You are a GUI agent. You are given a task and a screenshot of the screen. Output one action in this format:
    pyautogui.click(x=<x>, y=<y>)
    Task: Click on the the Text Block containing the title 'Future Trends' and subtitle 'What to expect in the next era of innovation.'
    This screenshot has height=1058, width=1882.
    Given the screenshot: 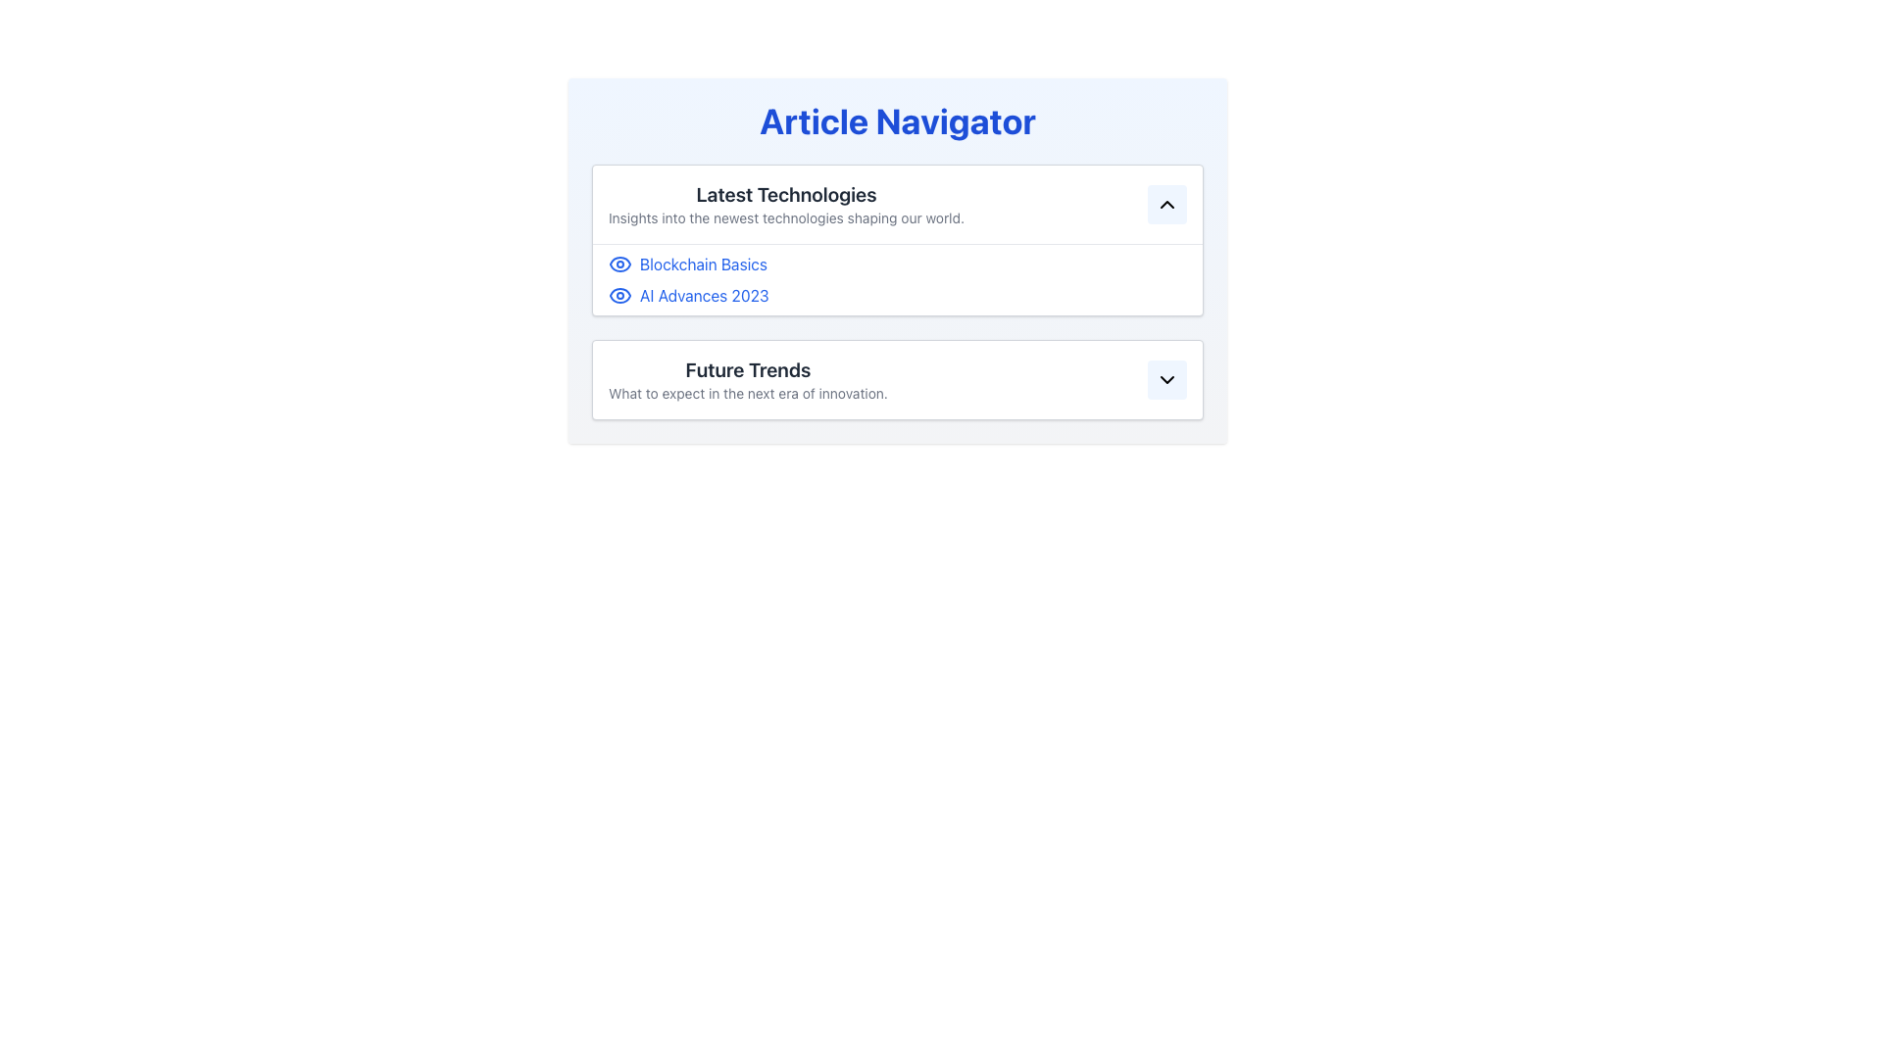 What is the action you would take?
    pyautogui.click(x=747, y=380)
    